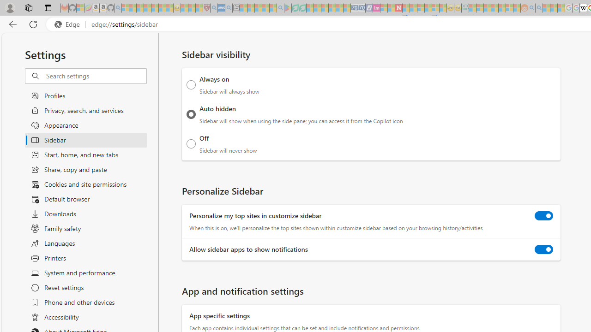 This screenshot has height=332, width=591. What do you see at coordinates (544, 249) in the screenshot?
I see `'Allow sidebar apps to show notifications'` at bounding box center [544, 249].